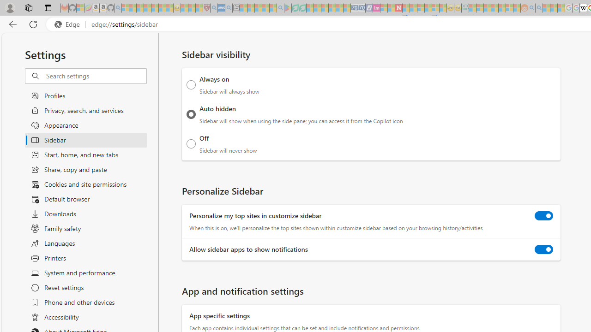 This screenshot has height=332, width=591. What do you see at coordinates (544, 249) in the screenshot?
I see `'Allow sidebar apps to show notifications'` at bounding box center [544, 249].